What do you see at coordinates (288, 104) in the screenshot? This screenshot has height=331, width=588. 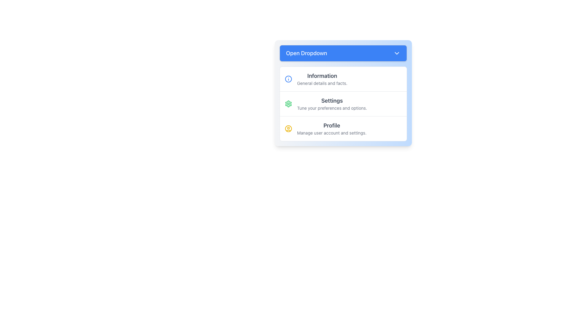 I see `the Settings icon in the dropdown menu, which is located in the second row and positioned to the left of the 'Settings' label` at bounding box center [288, 104].